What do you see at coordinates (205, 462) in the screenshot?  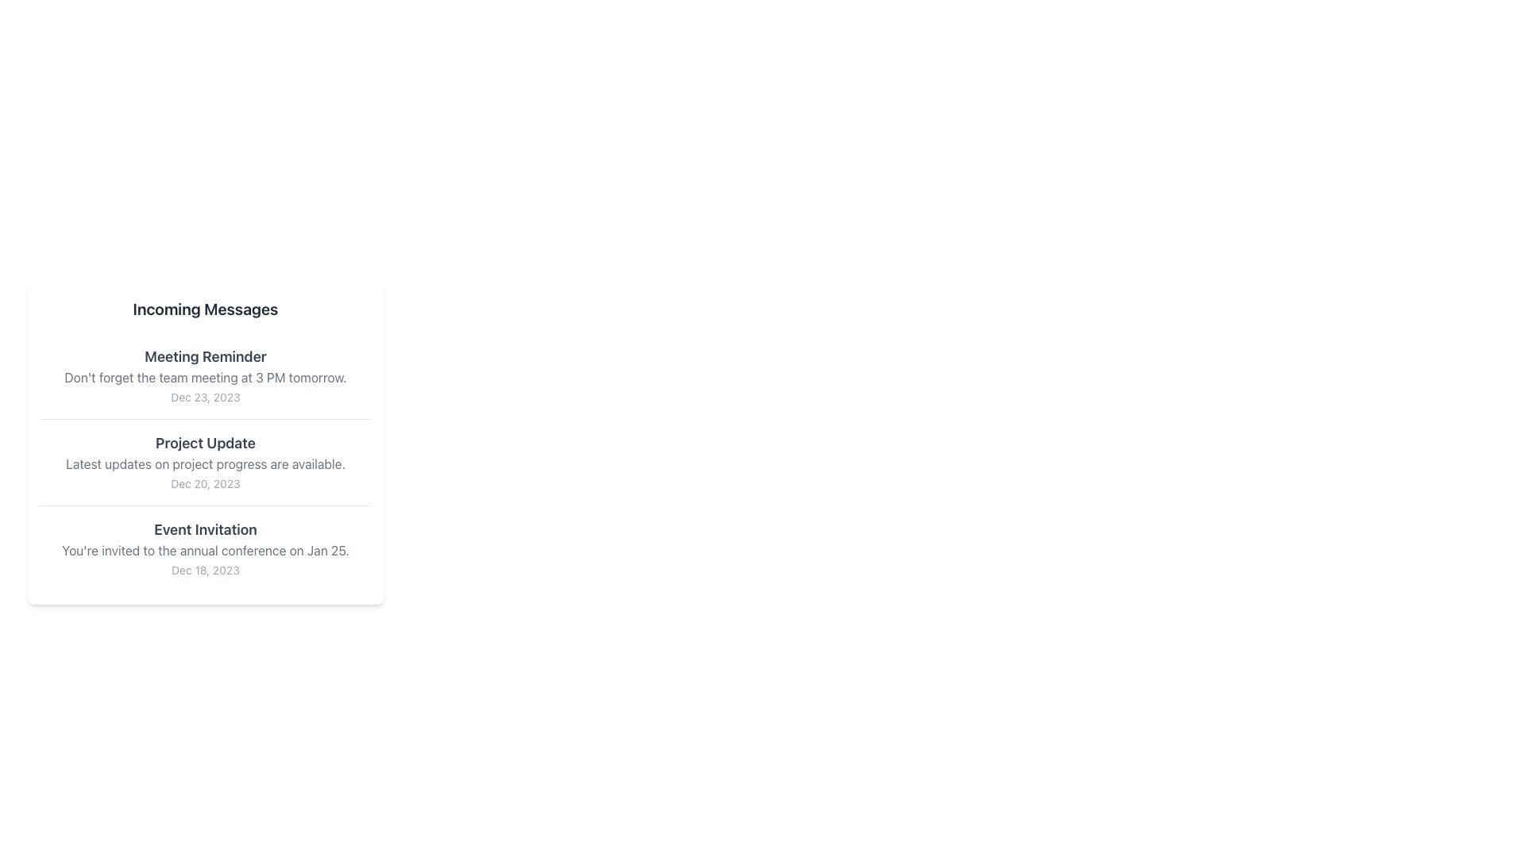 I see `the text block element displaying 'Project Update', which is located in the center of the 'Incoming Messages' panel, positioned between 'Meeting Reminder' and 'Event Invitation'` at bounding box center [205, 462].